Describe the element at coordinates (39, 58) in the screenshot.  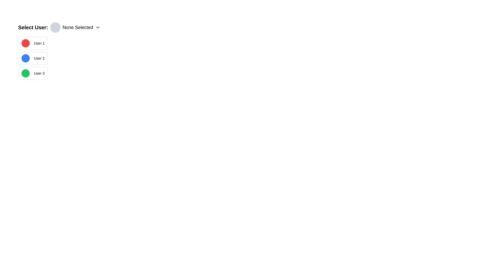
I see `the label identifying the user associated with the blue icon on its left, positioned in the middle of a vertical list of user containers` at that location.